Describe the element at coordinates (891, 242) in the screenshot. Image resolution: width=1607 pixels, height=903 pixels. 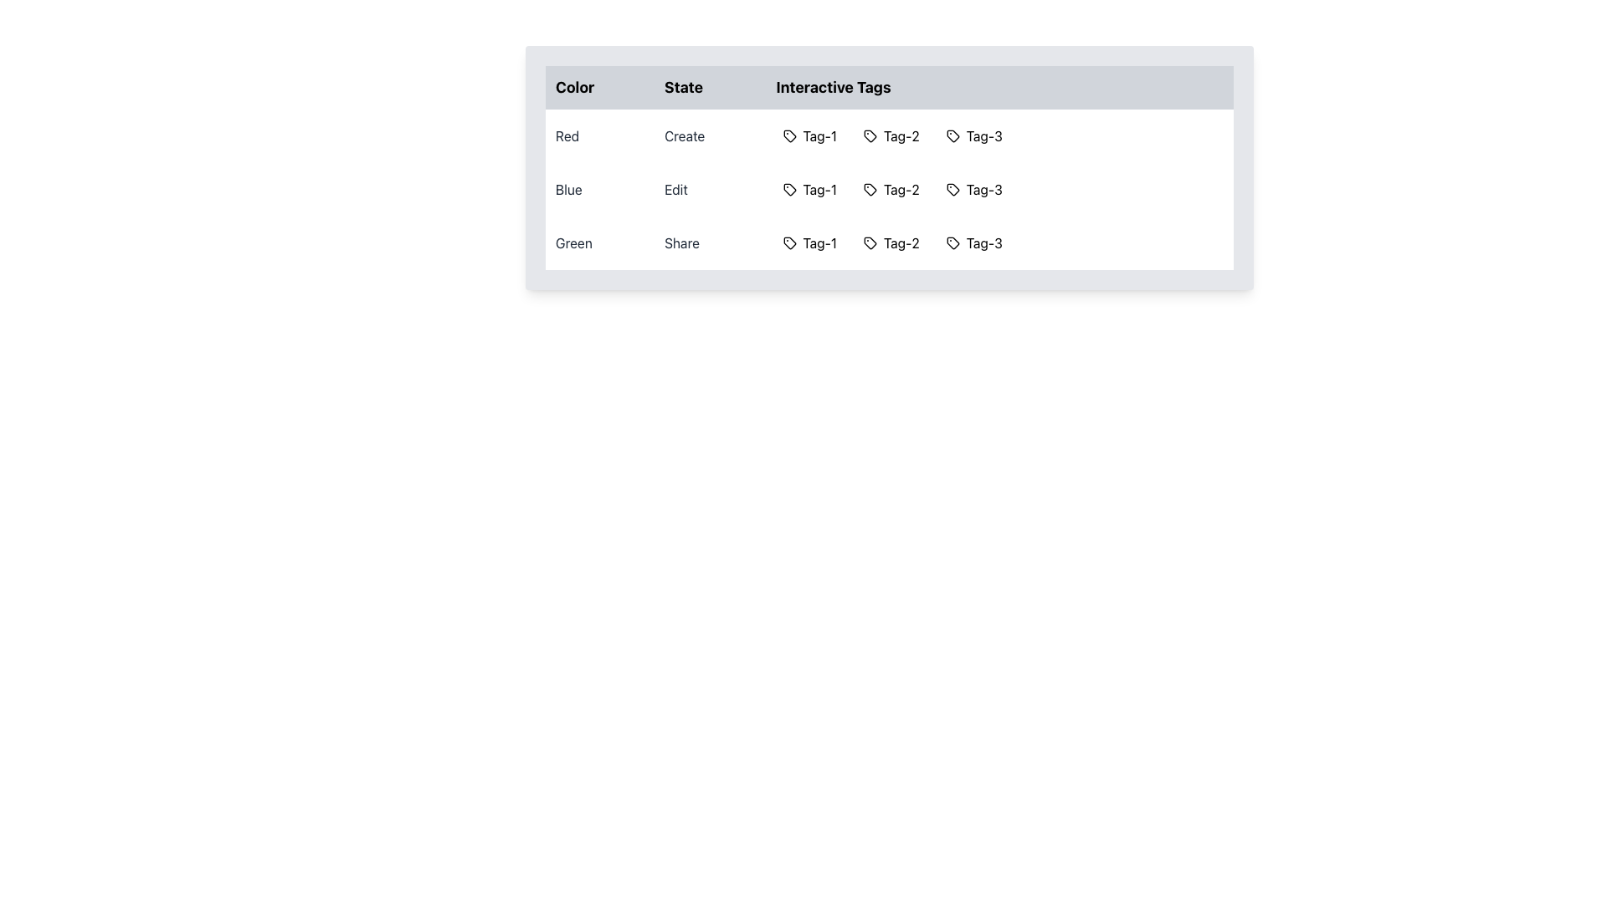
I see `the label with the text 'Tag-2', which is styled with a rounded green background and is located in the third row of the 'Interactive Tags' column, between 'Tag-1' and 'Tag-3'` at that location.